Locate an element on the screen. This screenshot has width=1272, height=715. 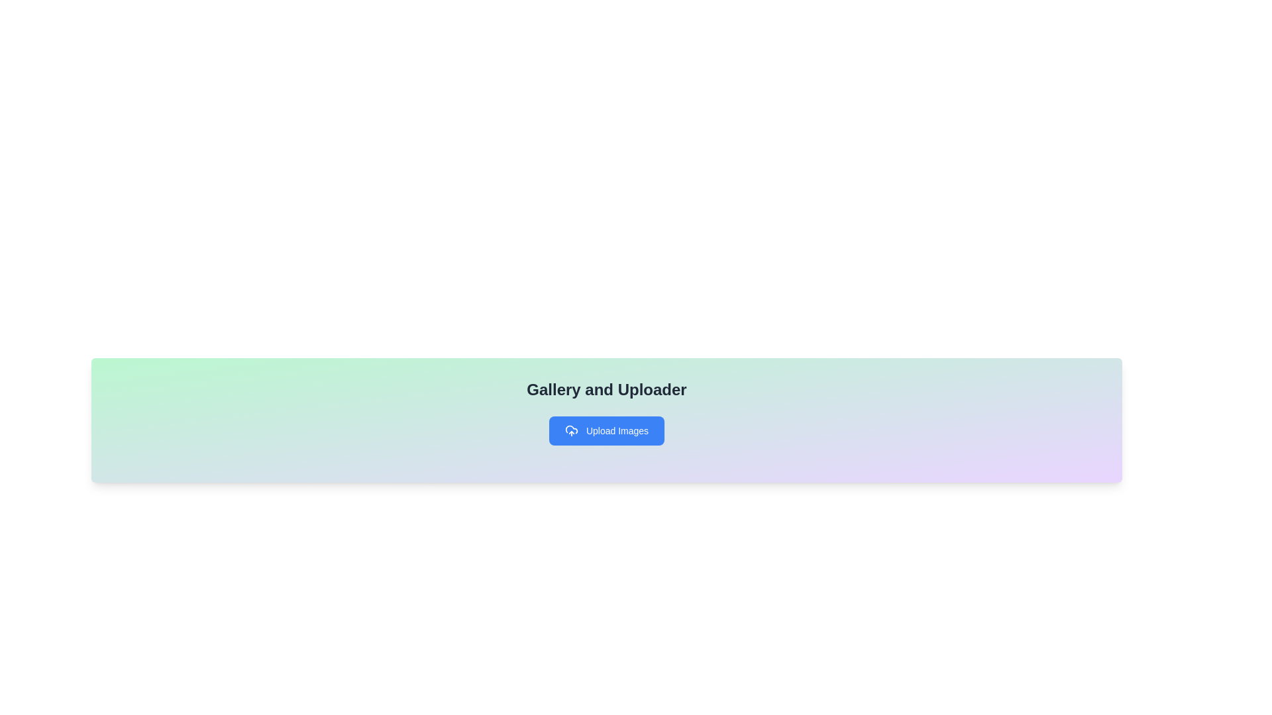
the upper left section of the cloud icon, which is part of the button labeled 'Upload Images' with a blue background is located at coordinates (571, 429).